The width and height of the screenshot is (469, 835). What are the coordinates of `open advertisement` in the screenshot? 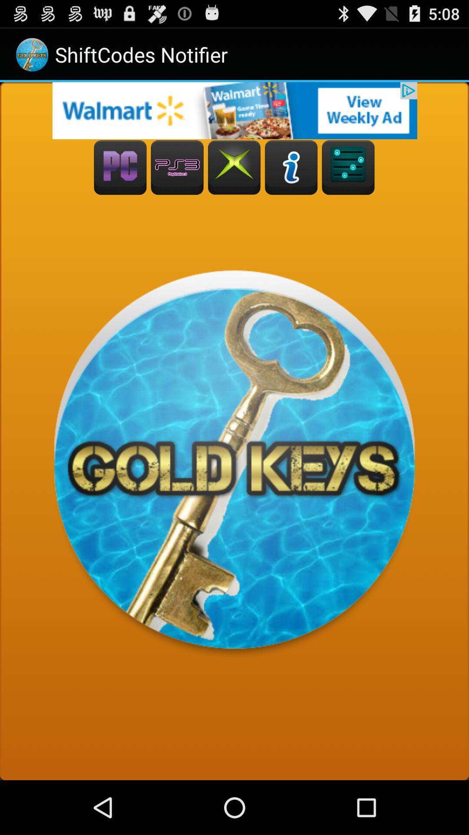 It's located at (234, 110).